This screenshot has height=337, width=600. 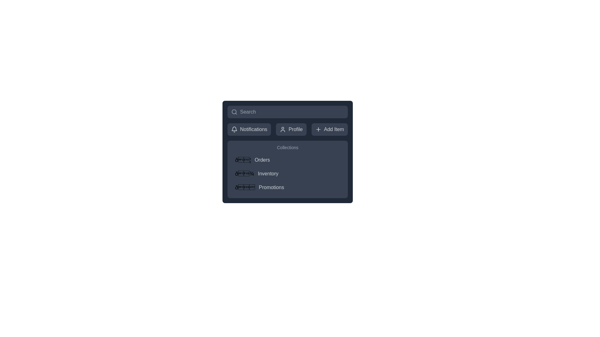 I want to click on the user silhouette icon located in the middle of the 'Profile' button at the top center of the UI, so click(x=282, y=129).